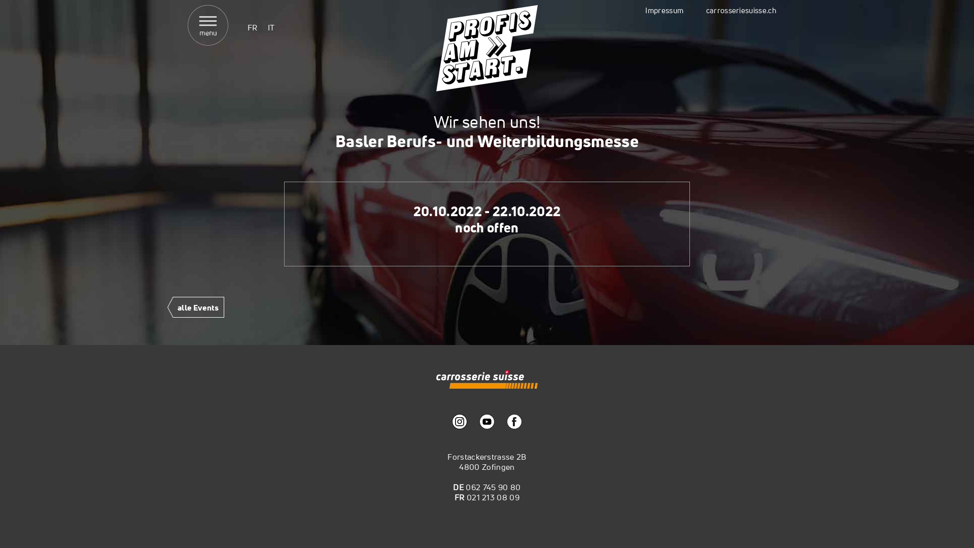 The height and width of the screenshot is (548, 974). I want to click on '021 213 08 09', so click(493, 496).